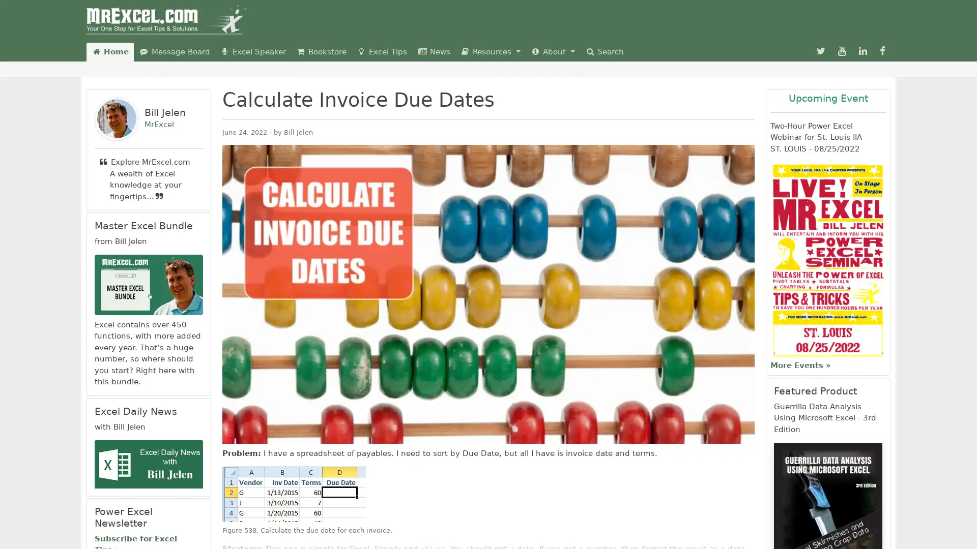 The image size is (977, 549). What do you see at coordinates (552, 52) in the screenshot?
I see `About` at bounding box center [552, 52].